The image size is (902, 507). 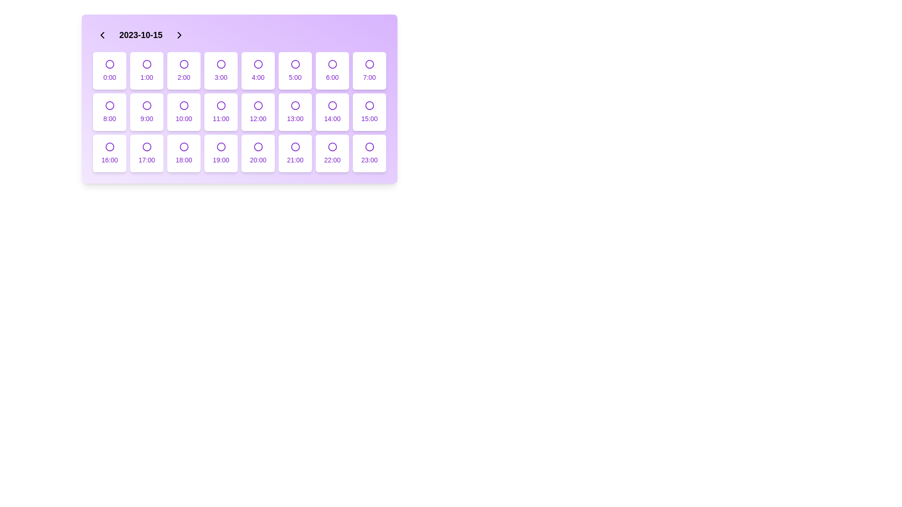 What do you see at coordinates (109, 105) in the screenshot?
I see `the circular icon for the 8:00 time slot in the schedule-like interface` at bounding box center [109, 105].